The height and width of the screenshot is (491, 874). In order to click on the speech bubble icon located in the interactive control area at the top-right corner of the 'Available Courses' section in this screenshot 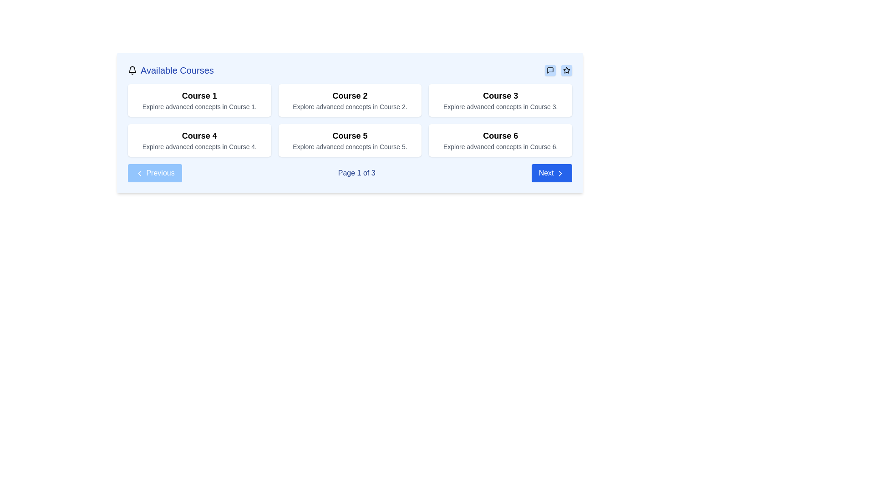, I will do `click(558, 70)`.